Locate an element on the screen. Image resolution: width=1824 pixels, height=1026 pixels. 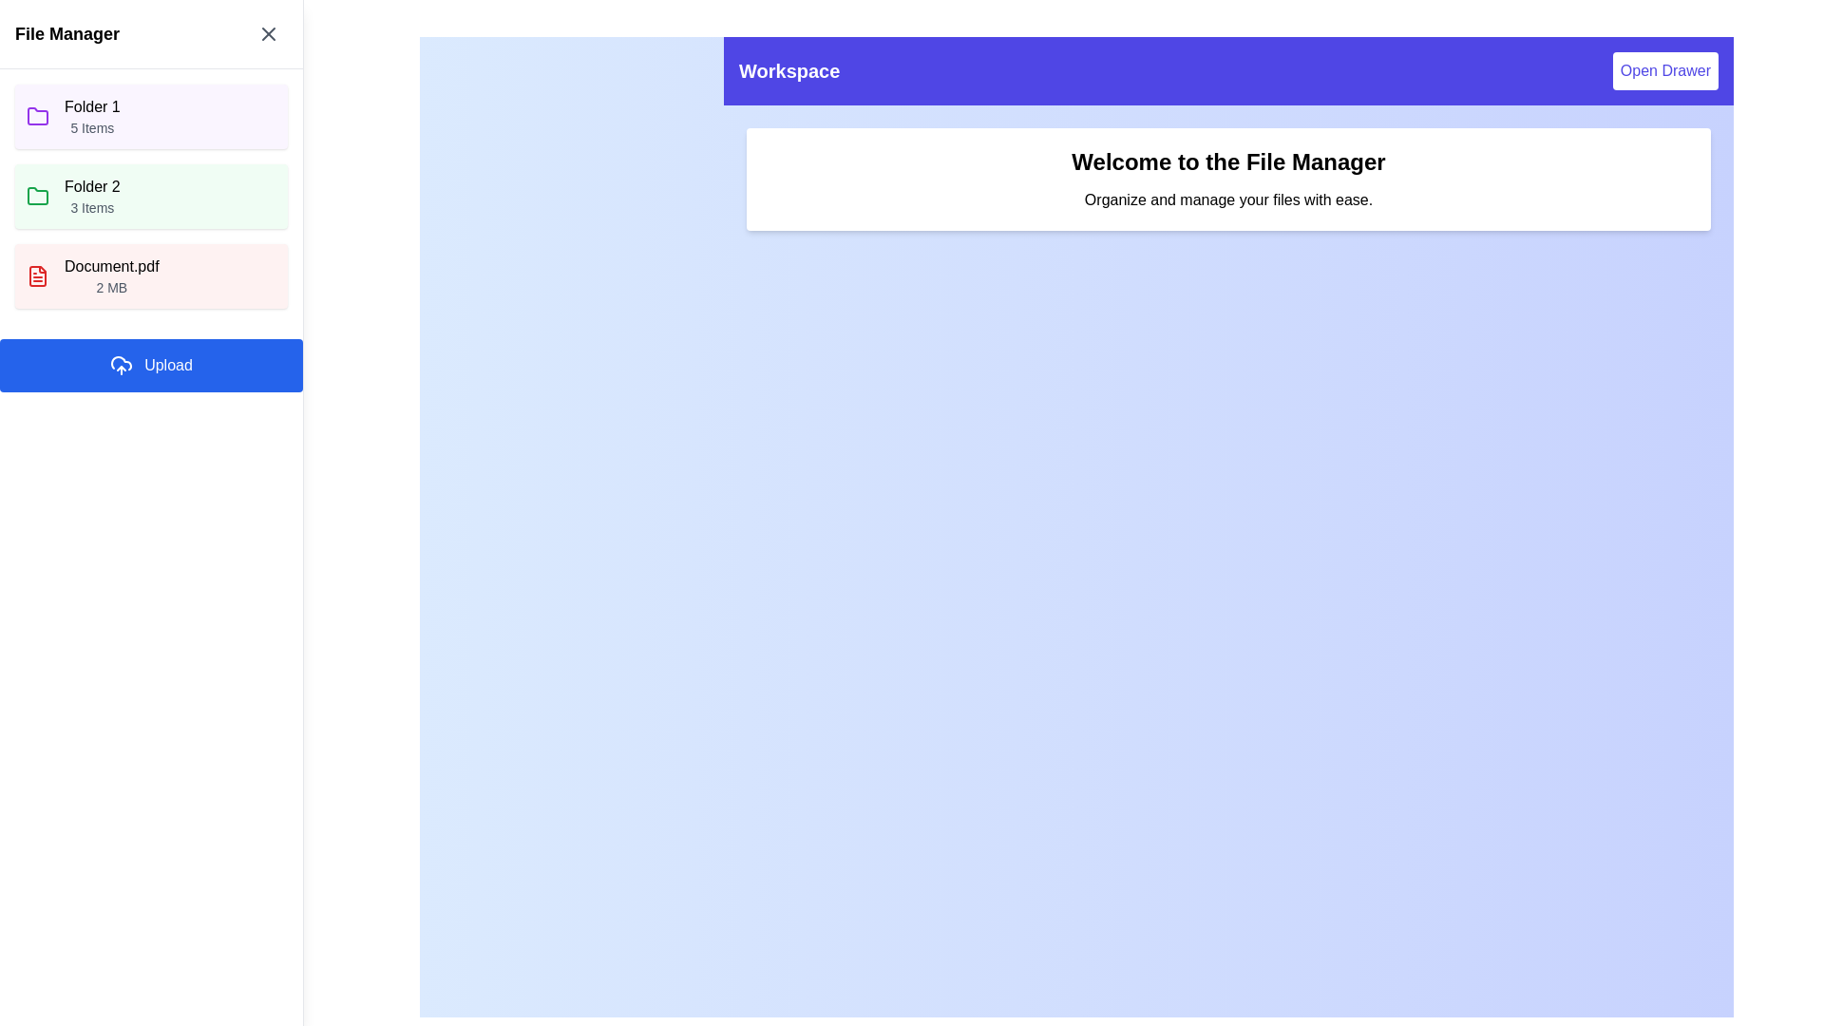
the 'Open Drawer' button located at the upper-right corner of the header bar is located at coordinates (1664, 69).